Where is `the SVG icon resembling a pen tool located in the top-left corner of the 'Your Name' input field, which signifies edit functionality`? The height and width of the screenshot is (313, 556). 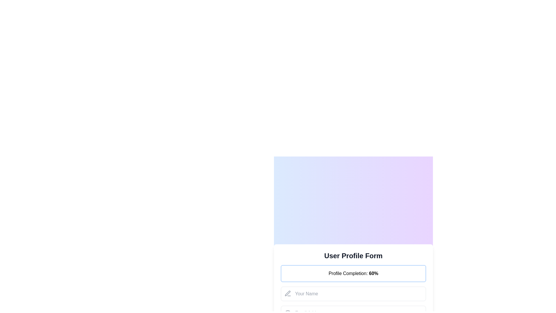
the SVG icon resembling a pen tool located in the top-left corner of the 'Your Name' input field, which signifies edit functionality is located at coordinates (288, 293).